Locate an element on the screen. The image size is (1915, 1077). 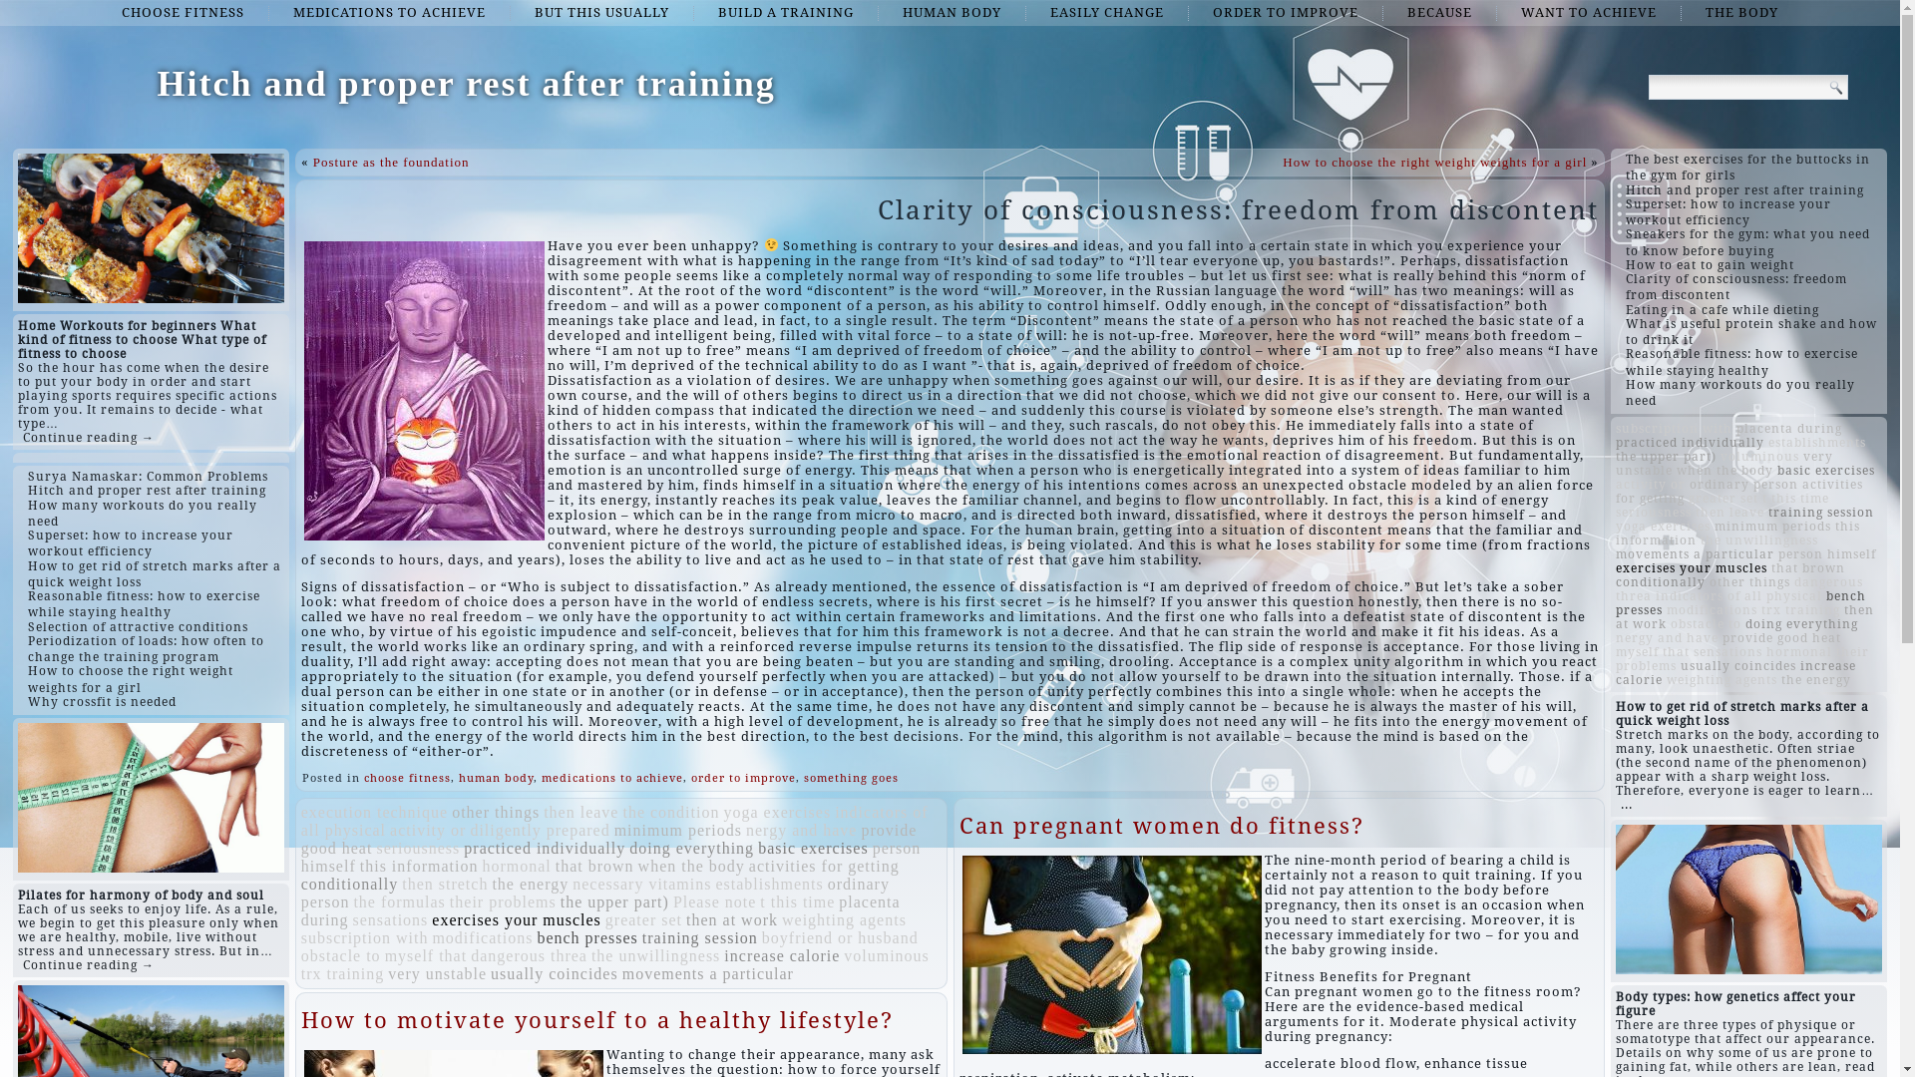
'order to improve' is located at coordinates (742, 777).